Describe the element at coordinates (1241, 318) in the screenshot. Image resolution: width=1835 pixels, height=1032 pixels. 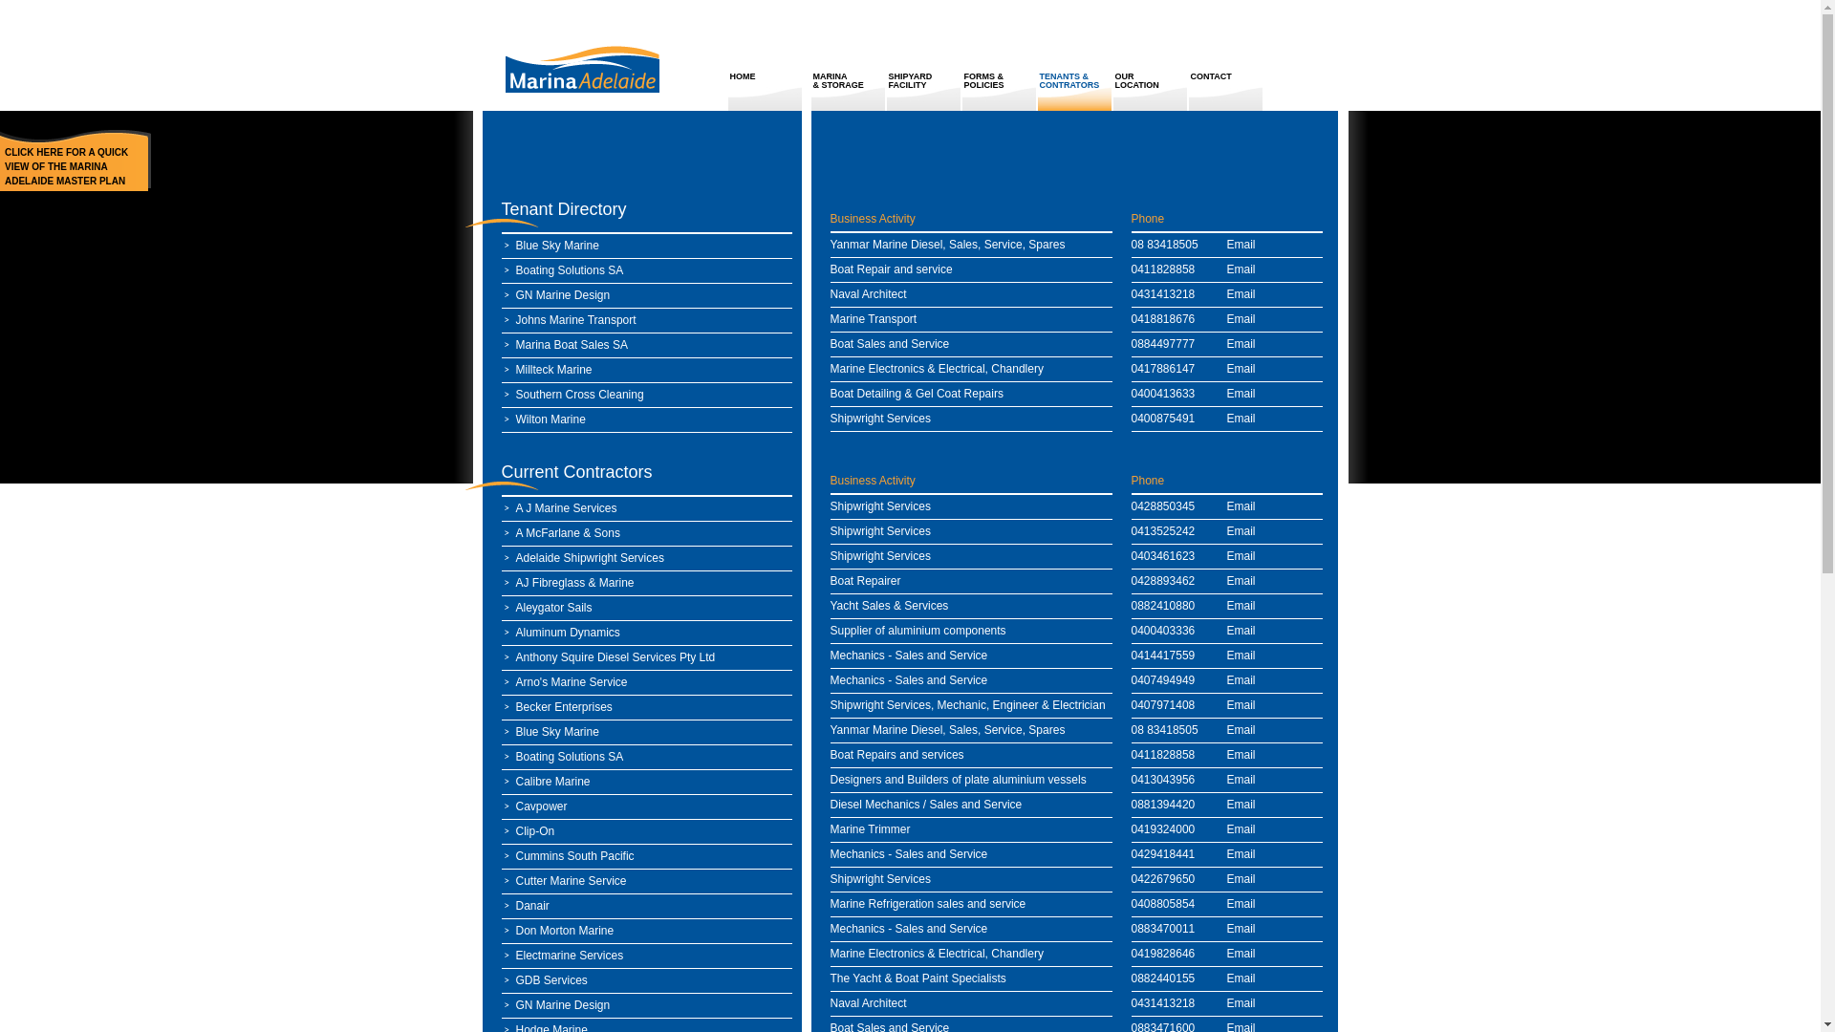
I see `'Email'` at that location.